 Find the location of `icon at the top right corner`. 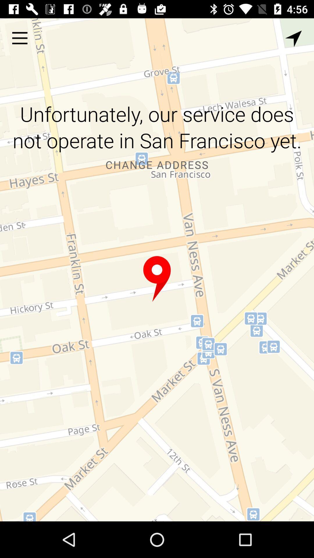

icon at the top right corner is located at coordinates (293, 38).